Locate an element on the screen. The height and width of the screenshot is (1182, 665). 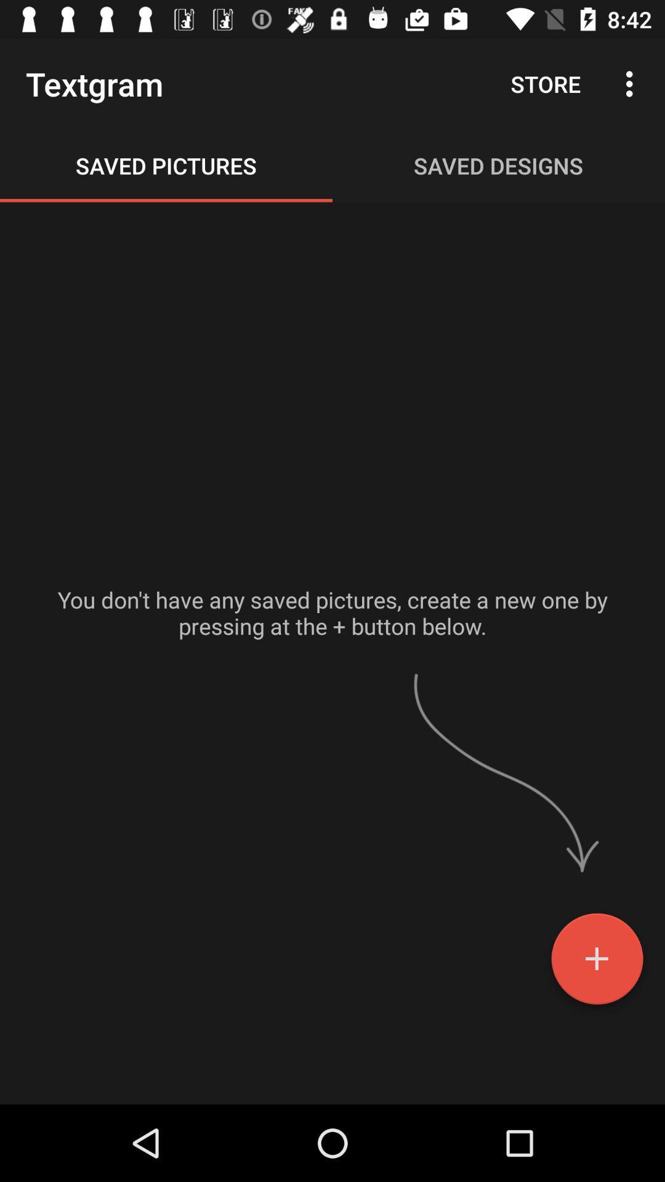
the item to the right of the textgram icon is located at coordinates (545, 83).